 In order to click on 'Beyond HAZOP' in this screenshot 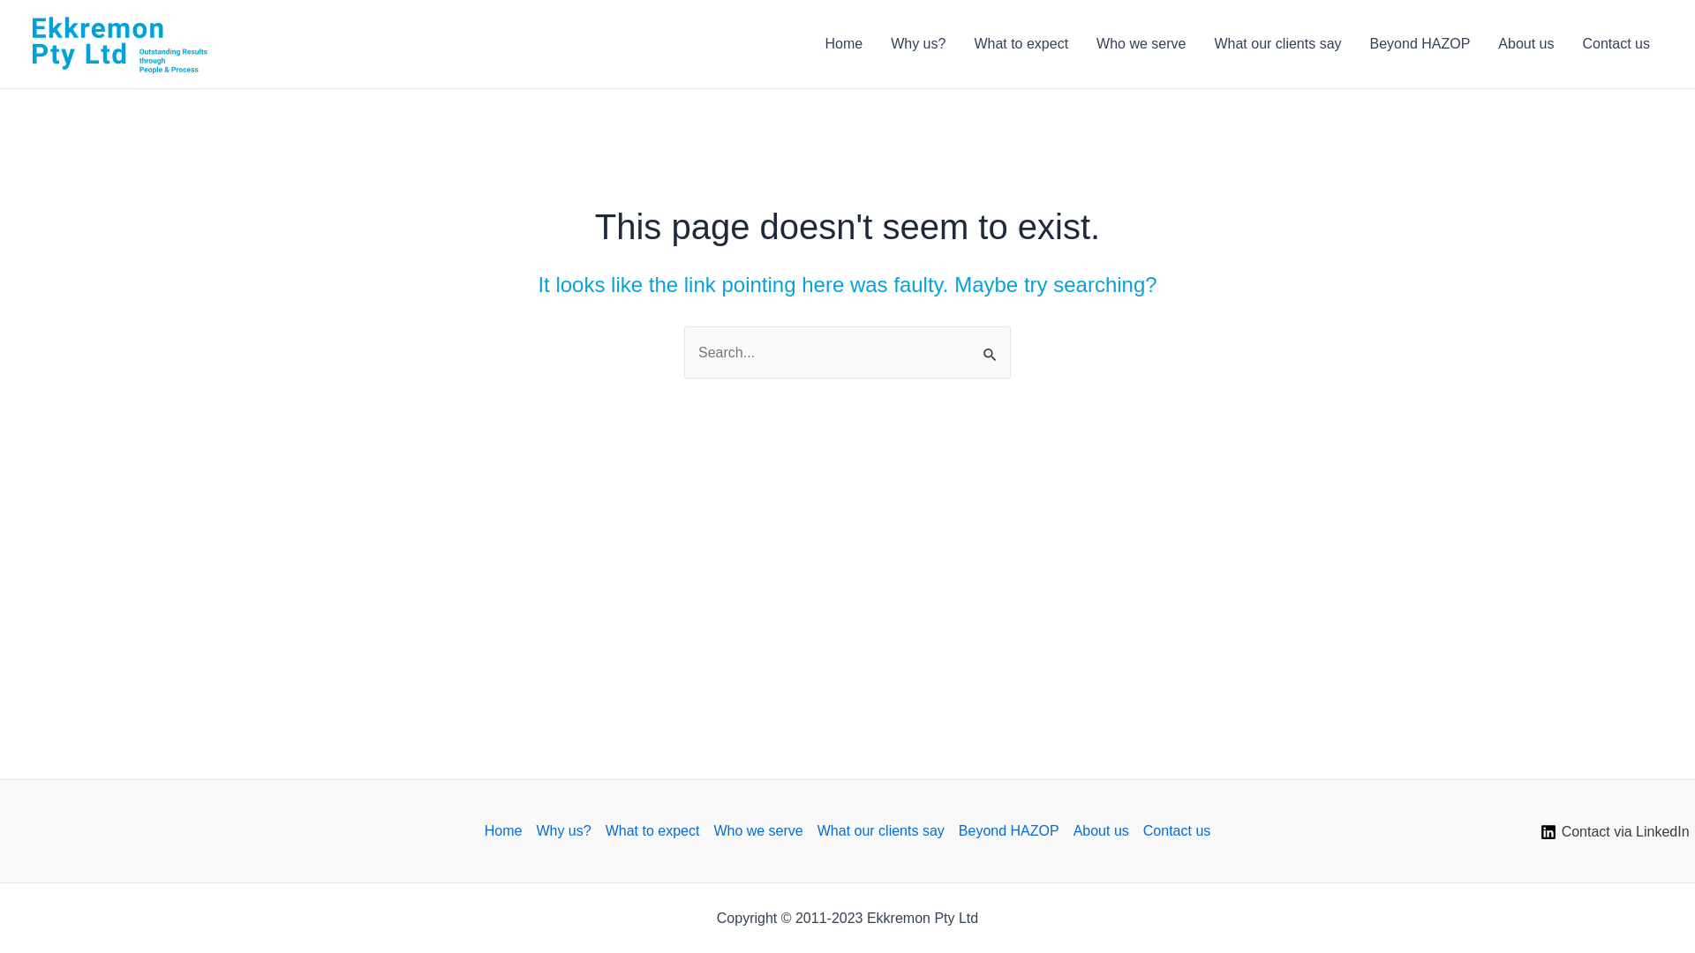, I will do `click(1420, 43)`.